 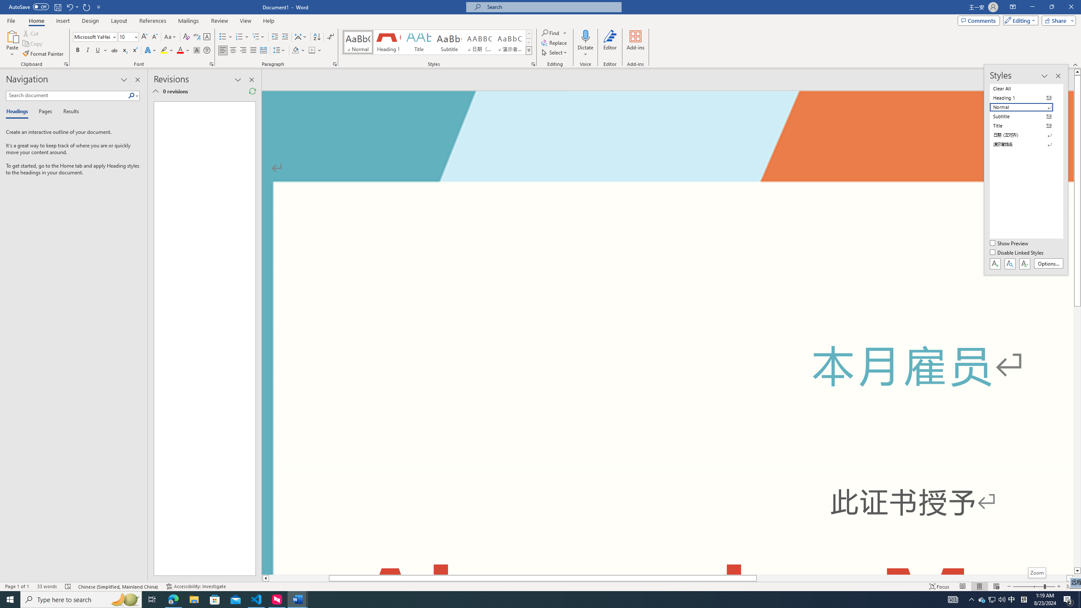 I want to click on 'Options...', so click(x=1048, y=263).